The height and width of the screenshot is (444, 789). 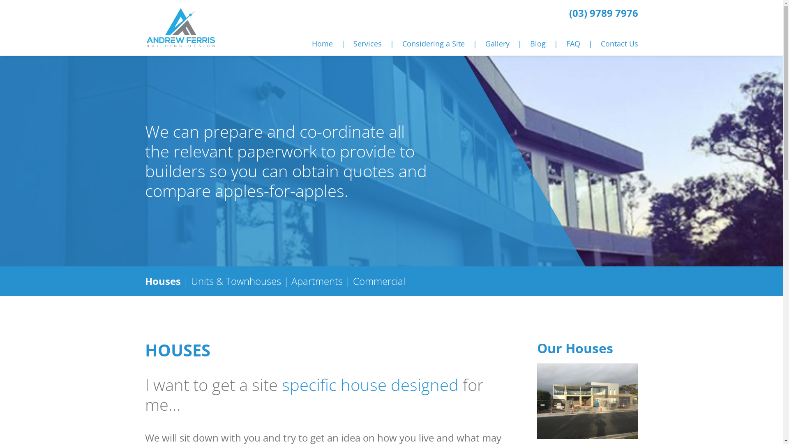 I want to click on '(03) 9789 7976', so click(x=603, y=13).